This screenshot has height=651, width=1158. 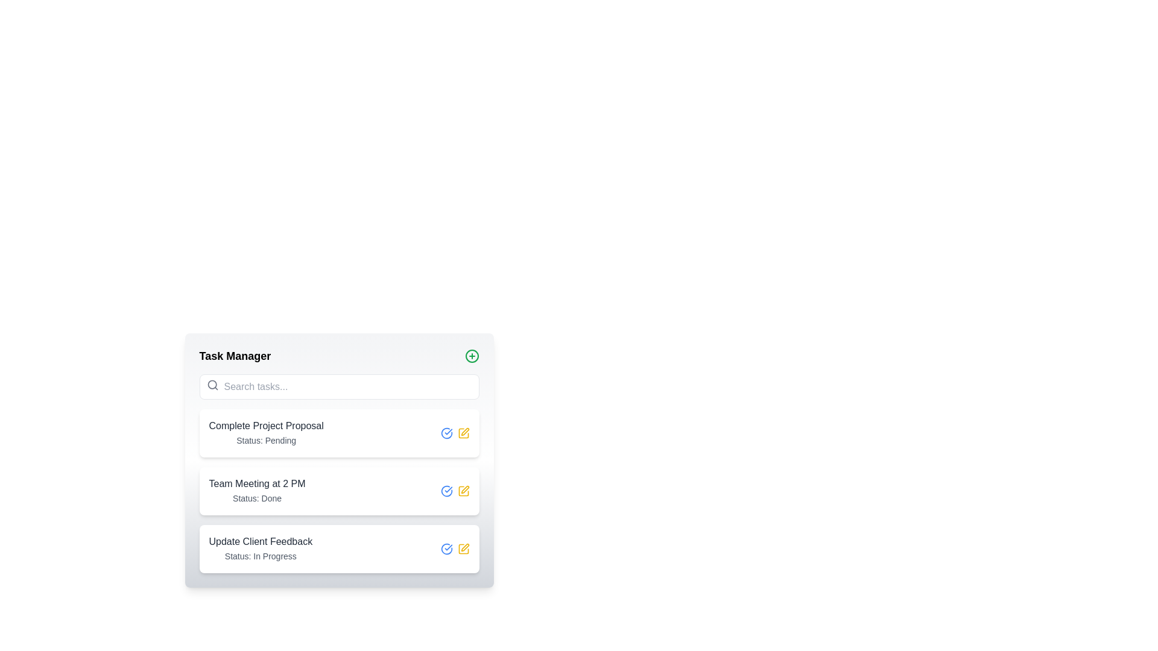 I want to click on the pencil icon located in the horizontal grouping of interactive icons for editing the task in the task manager interface, positioned at the far-right side of the row labeled 'Update Client Feedback, Status: In Progress', so click(x=454, y=549).